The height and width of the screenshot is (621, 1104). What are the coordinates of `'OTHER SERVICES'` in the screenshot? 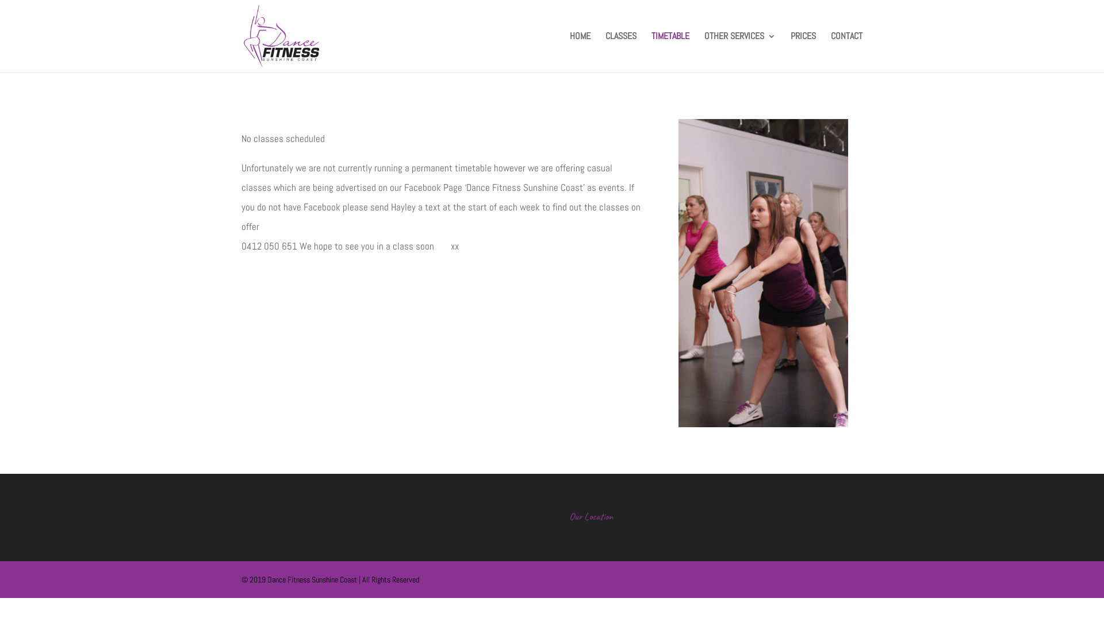 It's located at (703, 52).